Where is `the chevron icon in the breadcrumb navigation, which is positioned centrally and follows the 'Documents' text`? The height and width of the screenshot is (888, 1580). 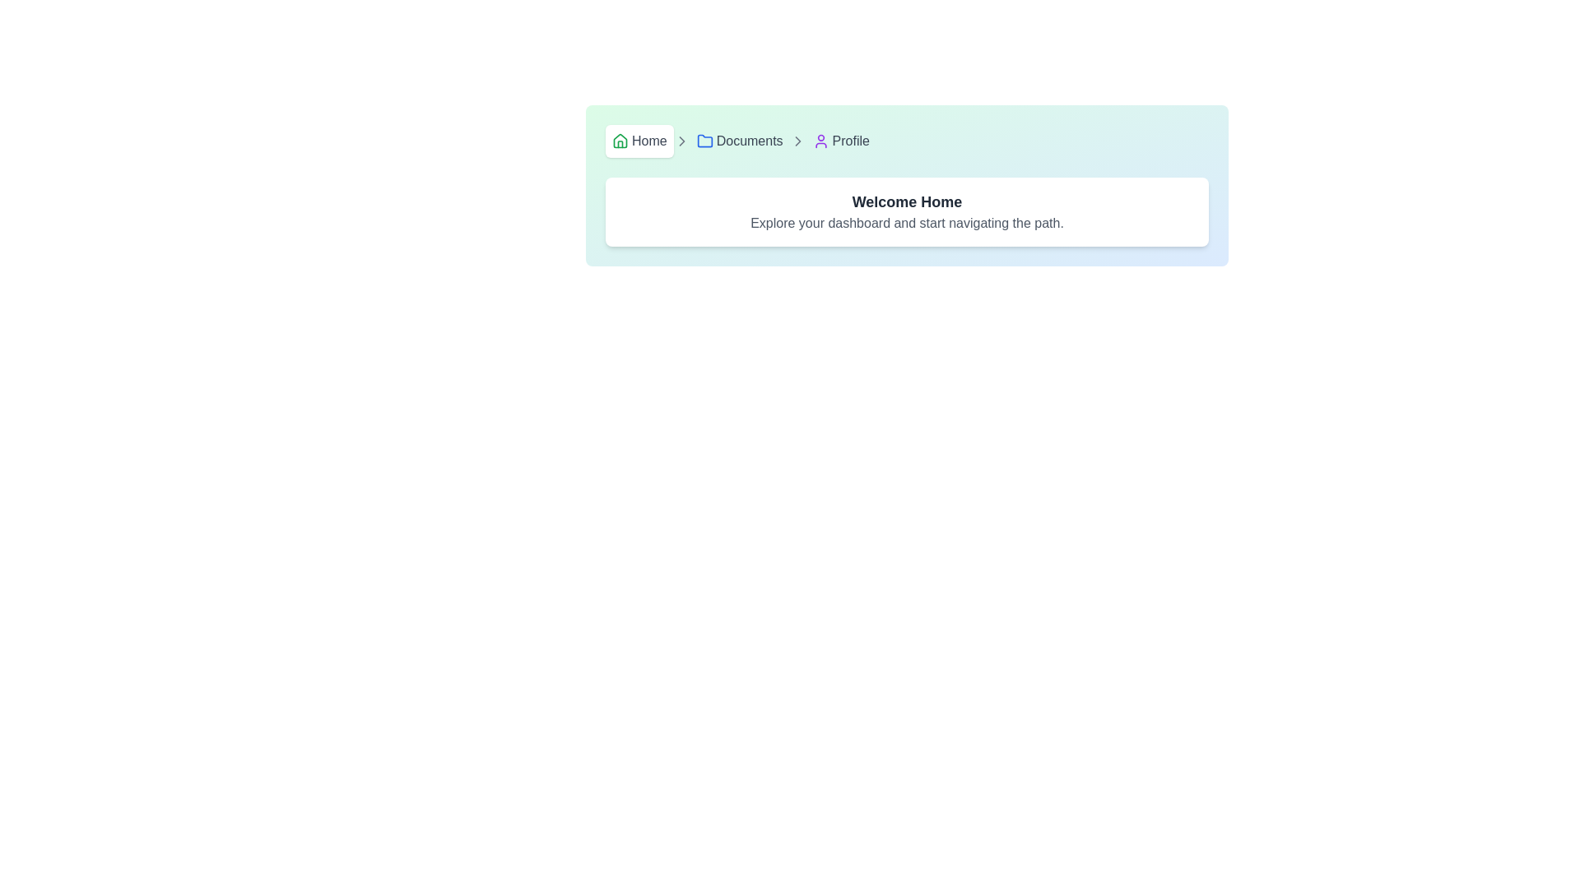 the chevron icon in the breadcrumb navigation, which is positioned centrally and follows the 'Documents' text is located at coordinates (797, 141).